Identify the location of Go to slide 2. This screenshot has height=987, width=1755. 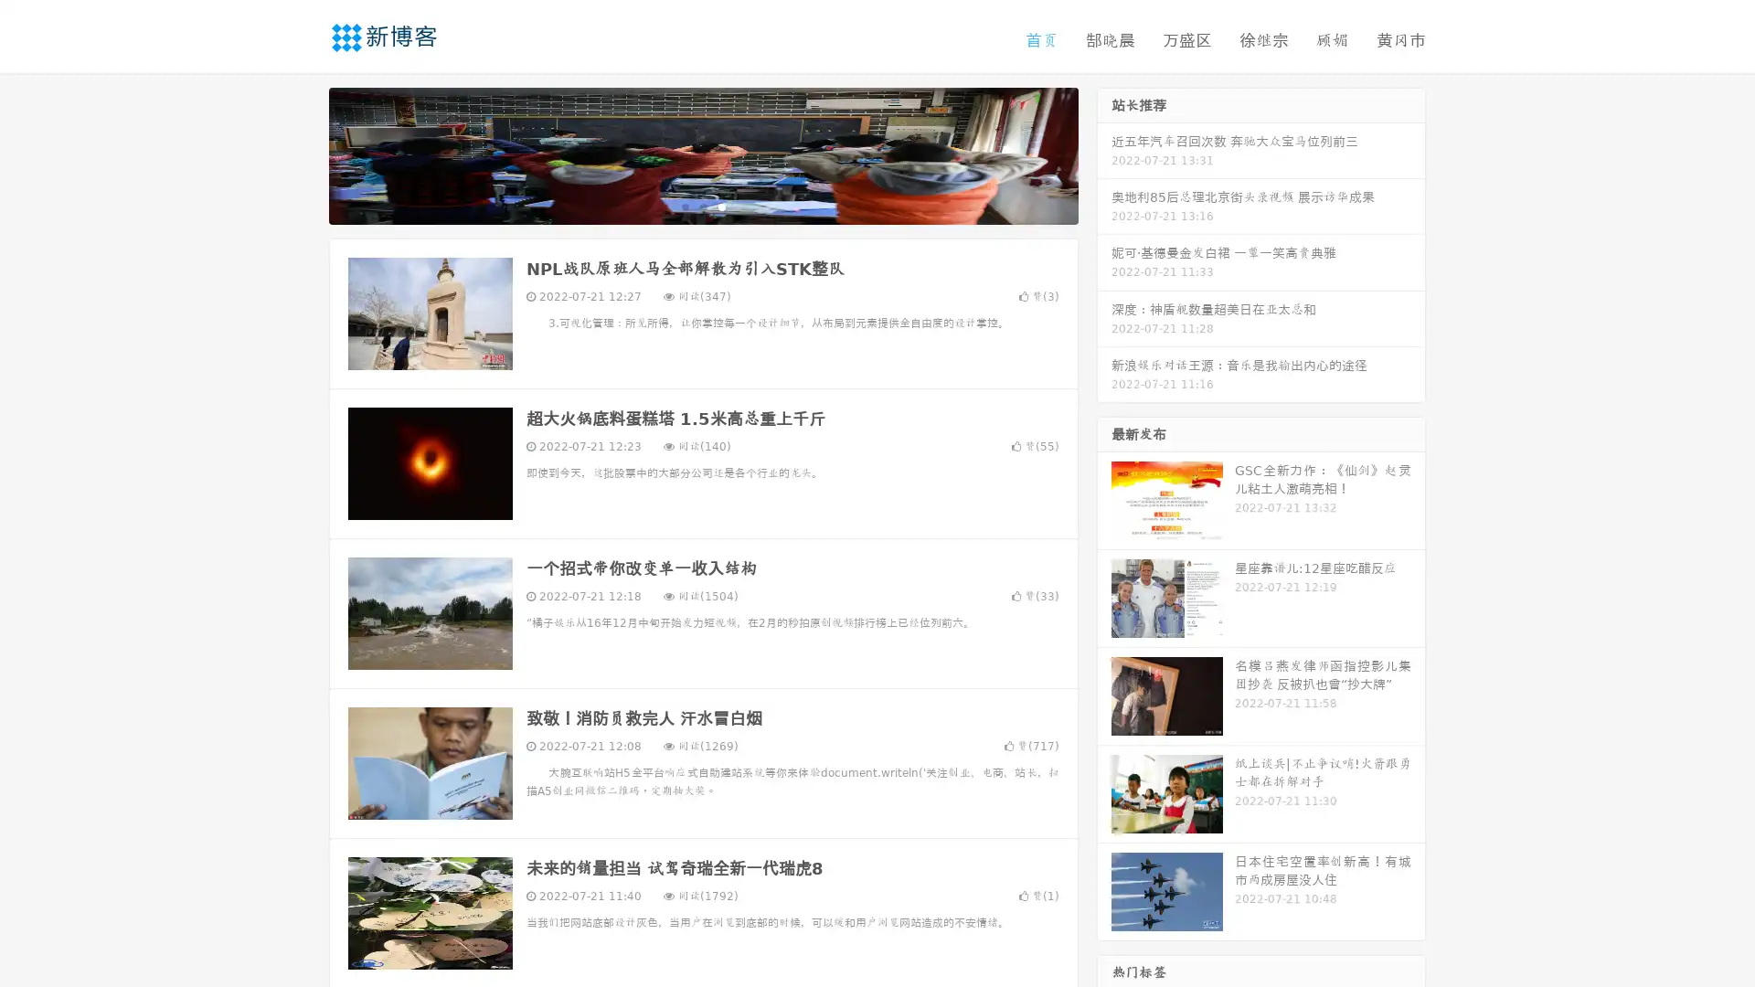
(702, 206).